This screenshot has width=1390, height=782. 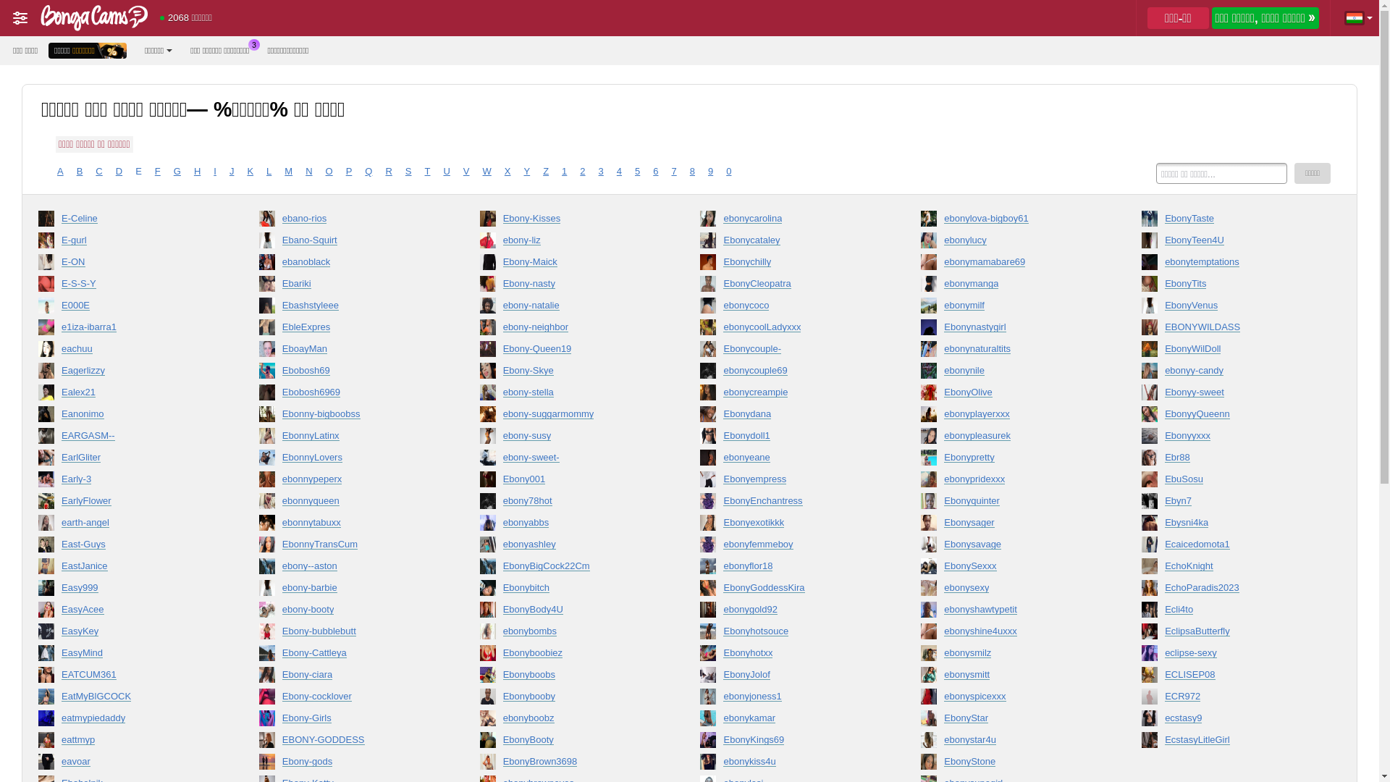 I want to click on 'Ebonybitch', so click(x=569, y=591).